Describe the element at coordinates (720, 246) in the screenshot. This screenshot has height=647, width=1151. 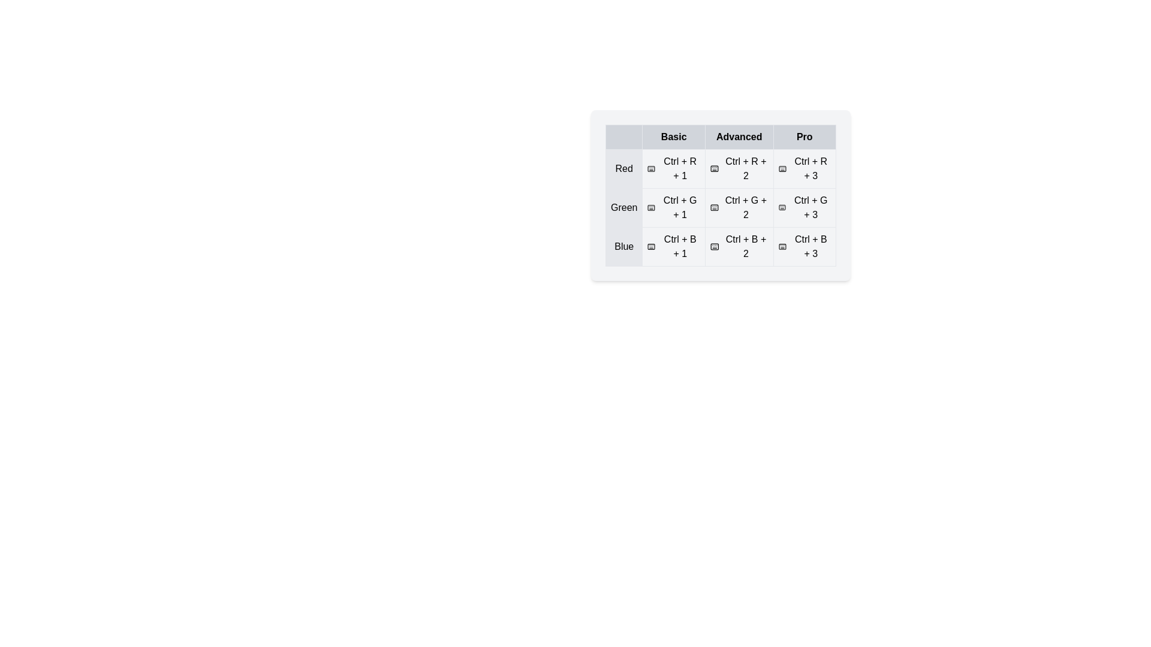
I see `the text block displaying 'Ctrl + B + 2' in the second column of the third row of the tabular structure` at that location.